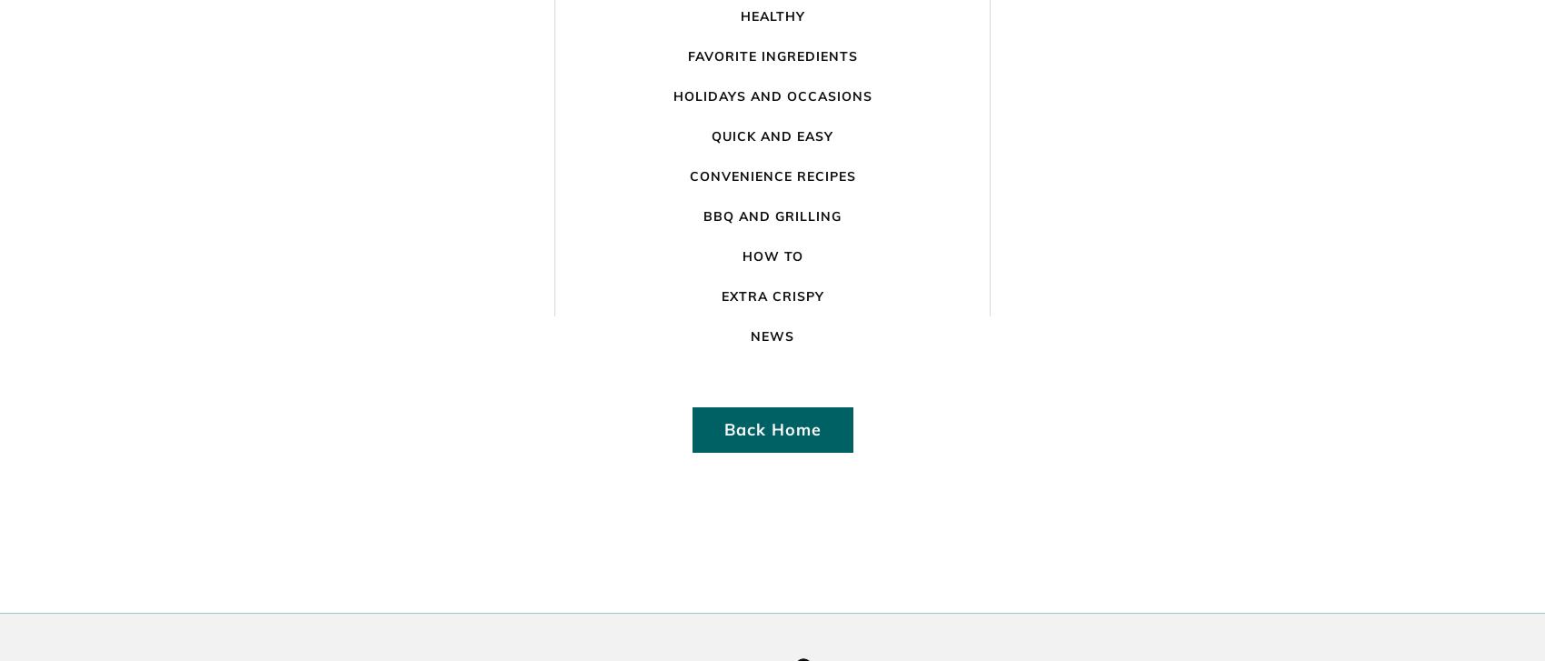 The image size is (1545, 661). What do you see at coordinates (771, 16) in the screenshot?
I see `'Healthy'` at bounding box center [771, 16].